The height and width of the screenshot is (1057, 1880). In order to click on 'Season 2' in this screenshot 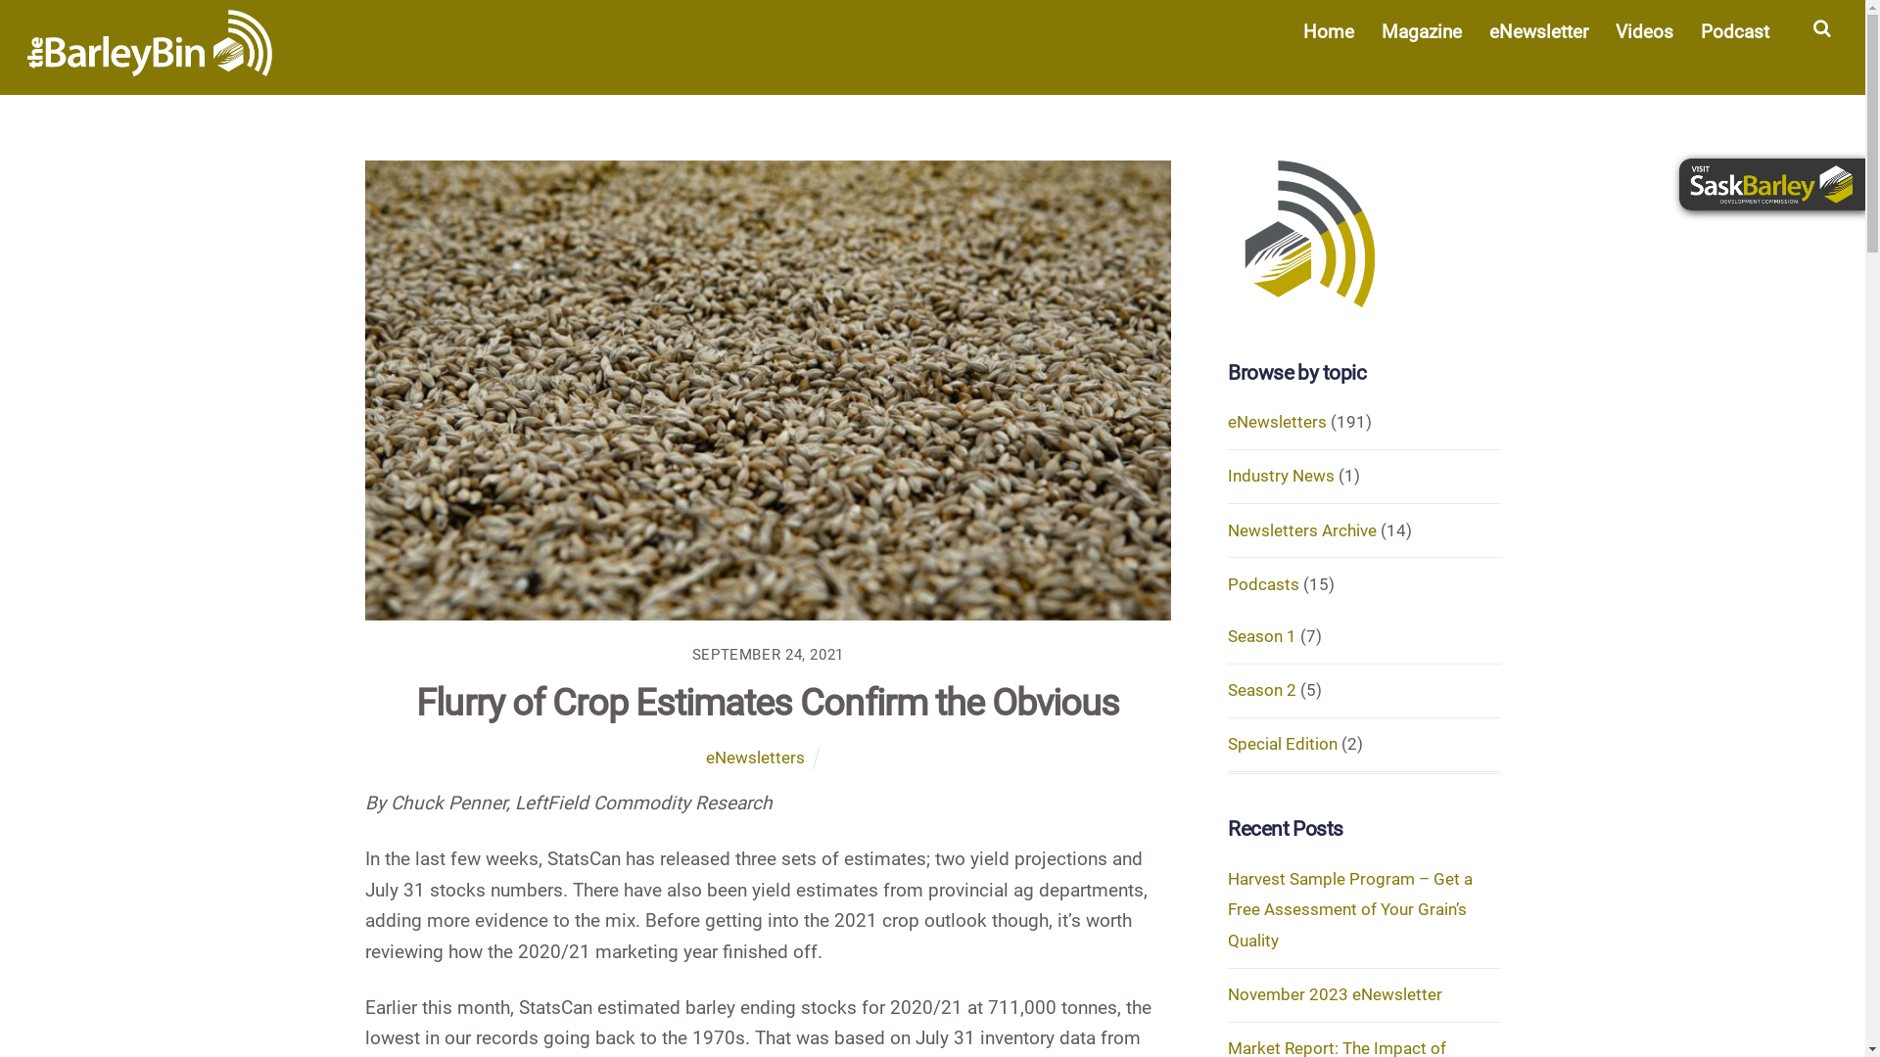, I will do `click(1262, 689)`.